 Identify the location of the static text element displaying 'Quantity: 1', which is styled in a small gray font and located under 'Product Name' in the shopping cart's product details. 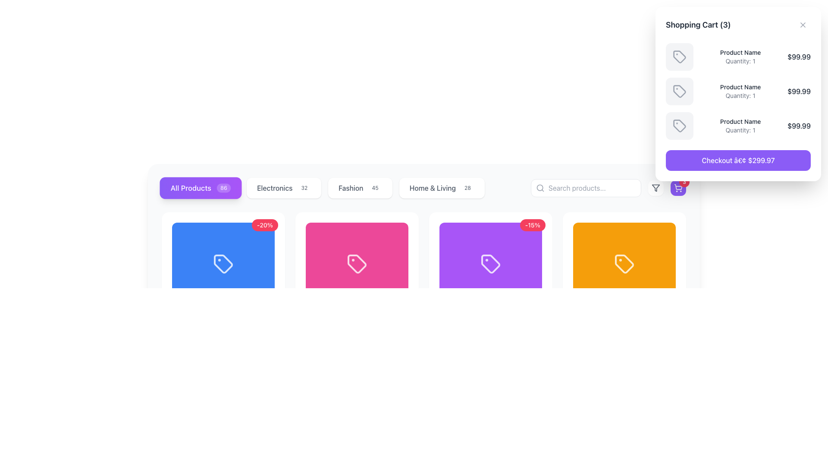
(740, 96).